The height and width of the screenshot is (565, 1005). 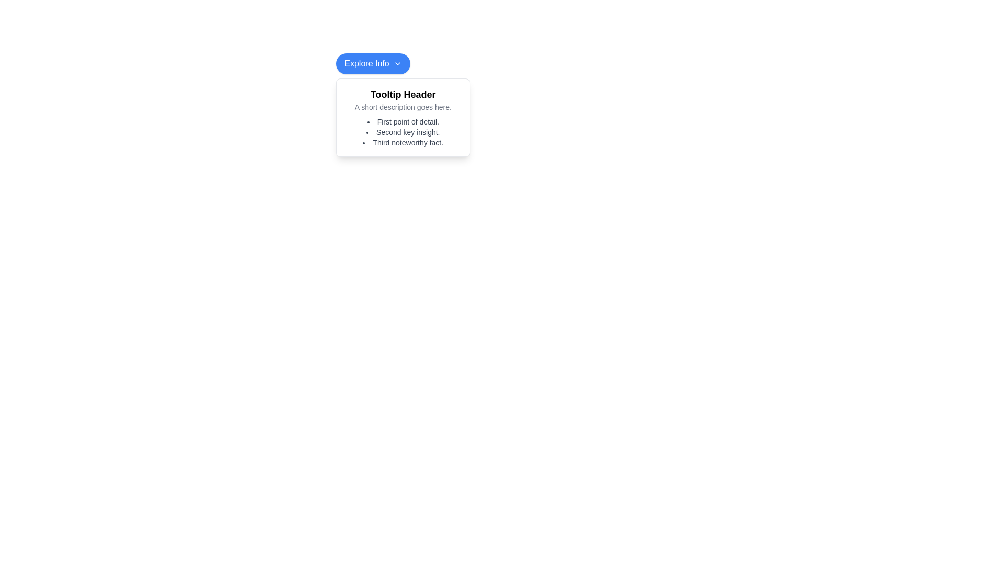 What do you see at coordinates (403, 132) in the screenshot?
I see `the second bullet-point text item displaying 'Second key insight.' in the tooltip under the section titled 'Tooltip Header'` at bounding box center [403, 132].